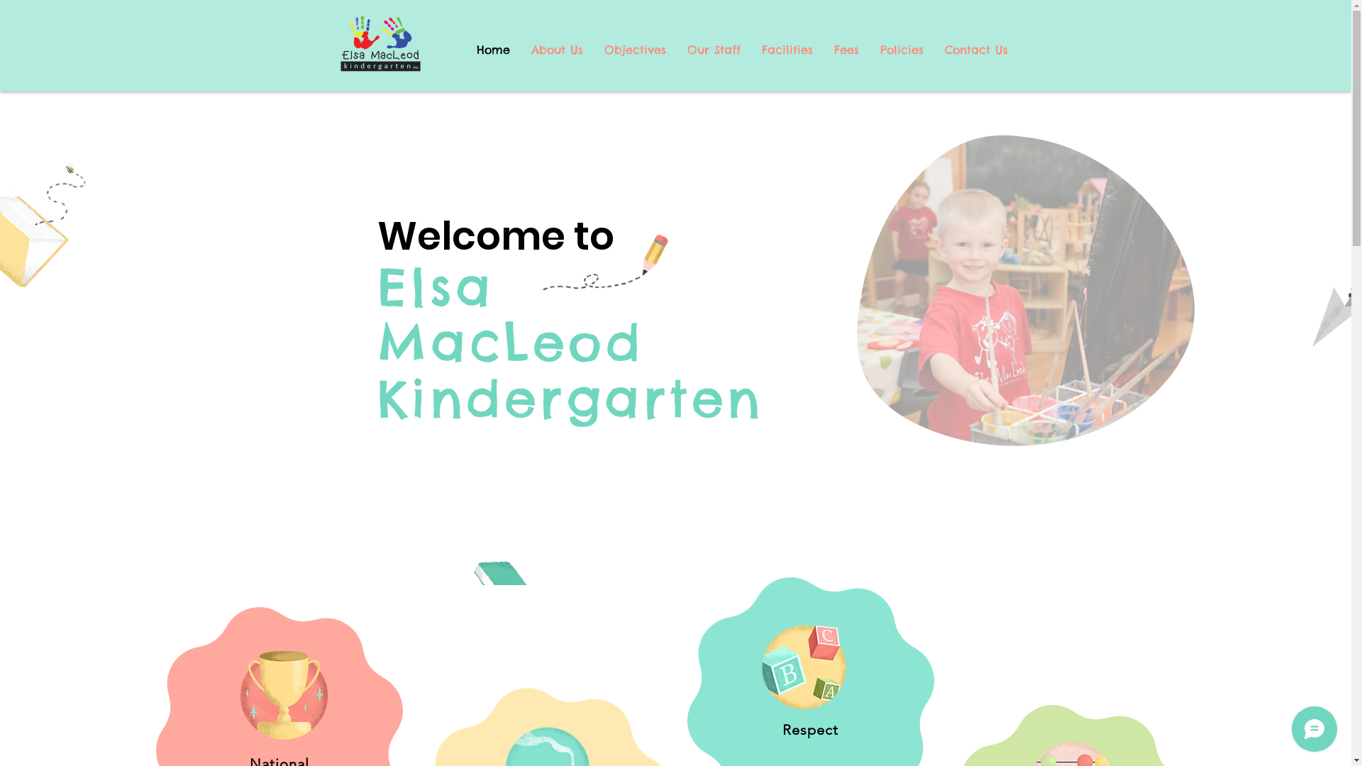 The height and width of the screenshot is (766, 1362). I want to click on 'About Us', so click(556, 49).